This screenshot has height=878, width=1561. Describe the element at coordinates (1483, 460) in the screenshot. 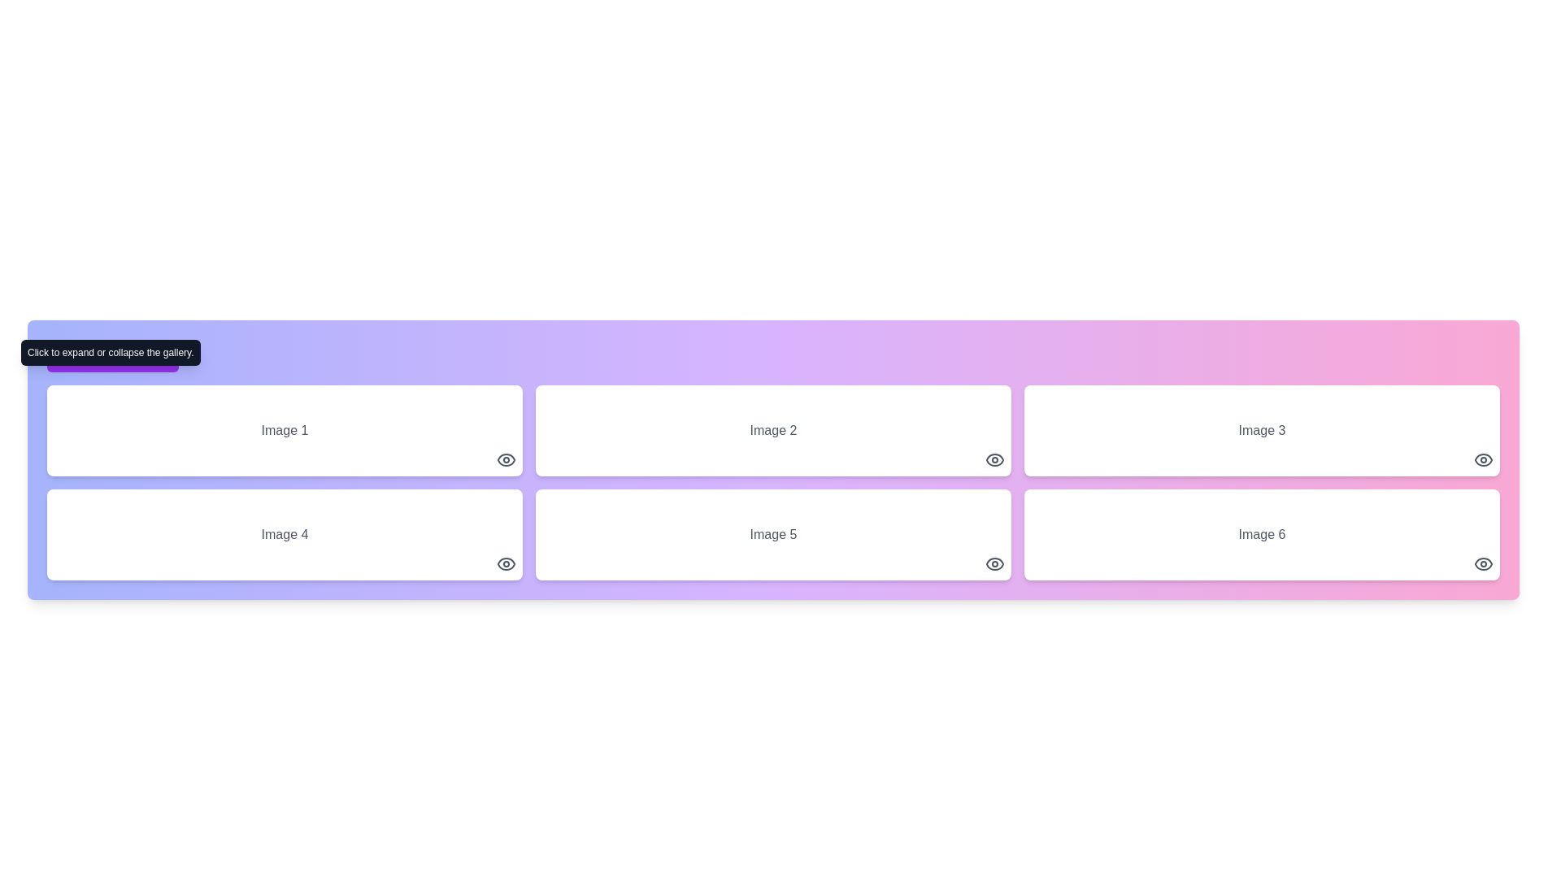

I see `the eye-shaped icon located in the bottom-right corner of the card labeled 'Image 3' to possibly reveal more information` at that location.